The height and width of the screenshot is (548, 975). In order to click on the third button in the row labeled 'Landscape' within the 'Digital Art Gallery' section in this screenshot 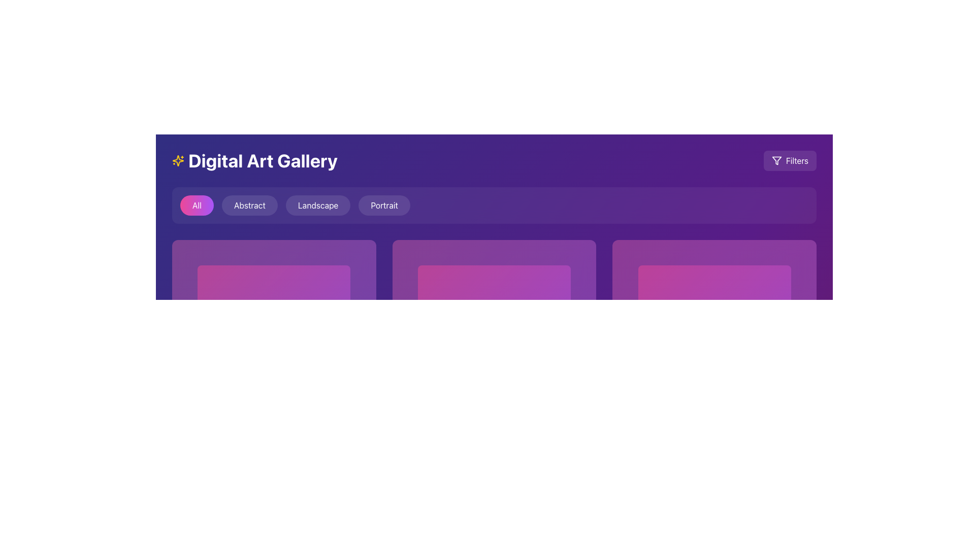, I will do `click(317, 205)`.